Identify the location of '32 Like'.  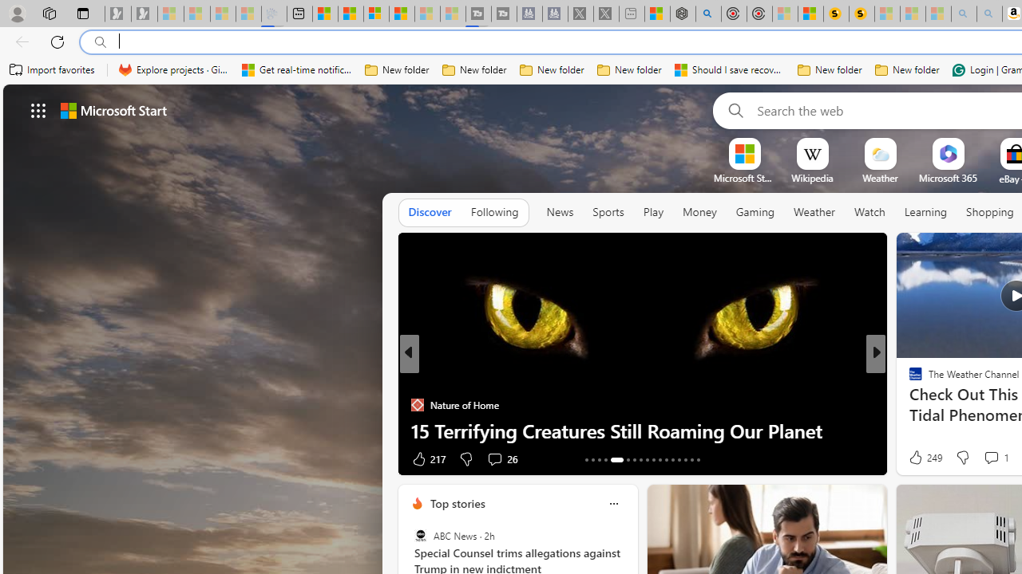
(917, 458).